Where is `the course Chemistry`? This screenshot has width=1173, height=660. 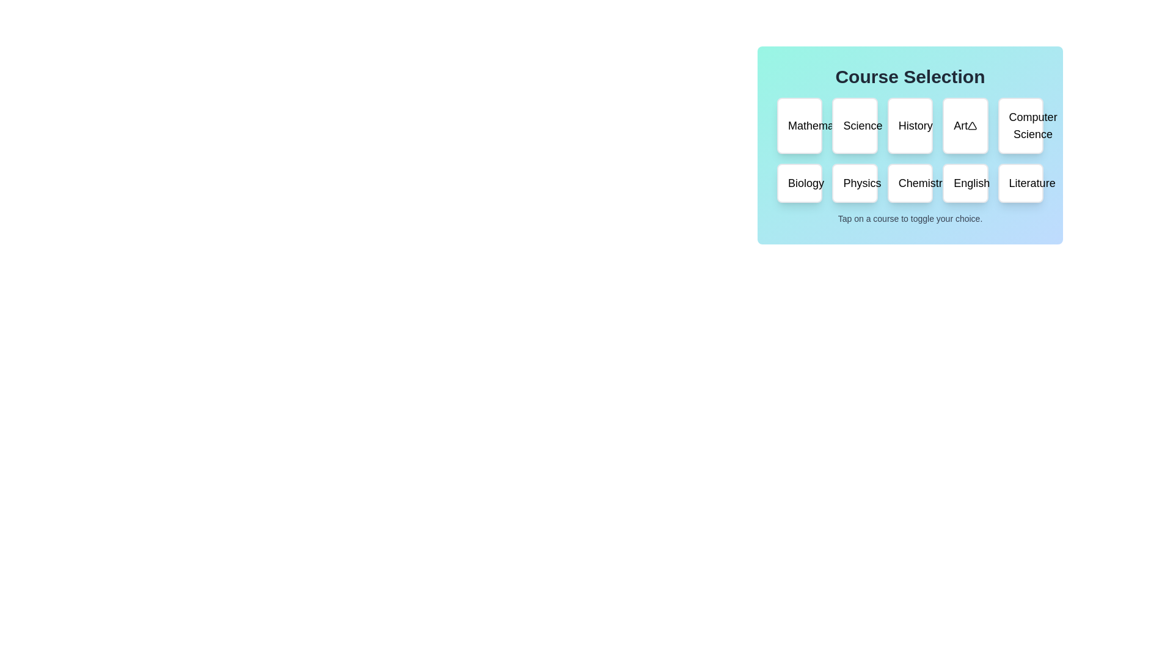 the course Chemistry is located at coordinates (909, 183).